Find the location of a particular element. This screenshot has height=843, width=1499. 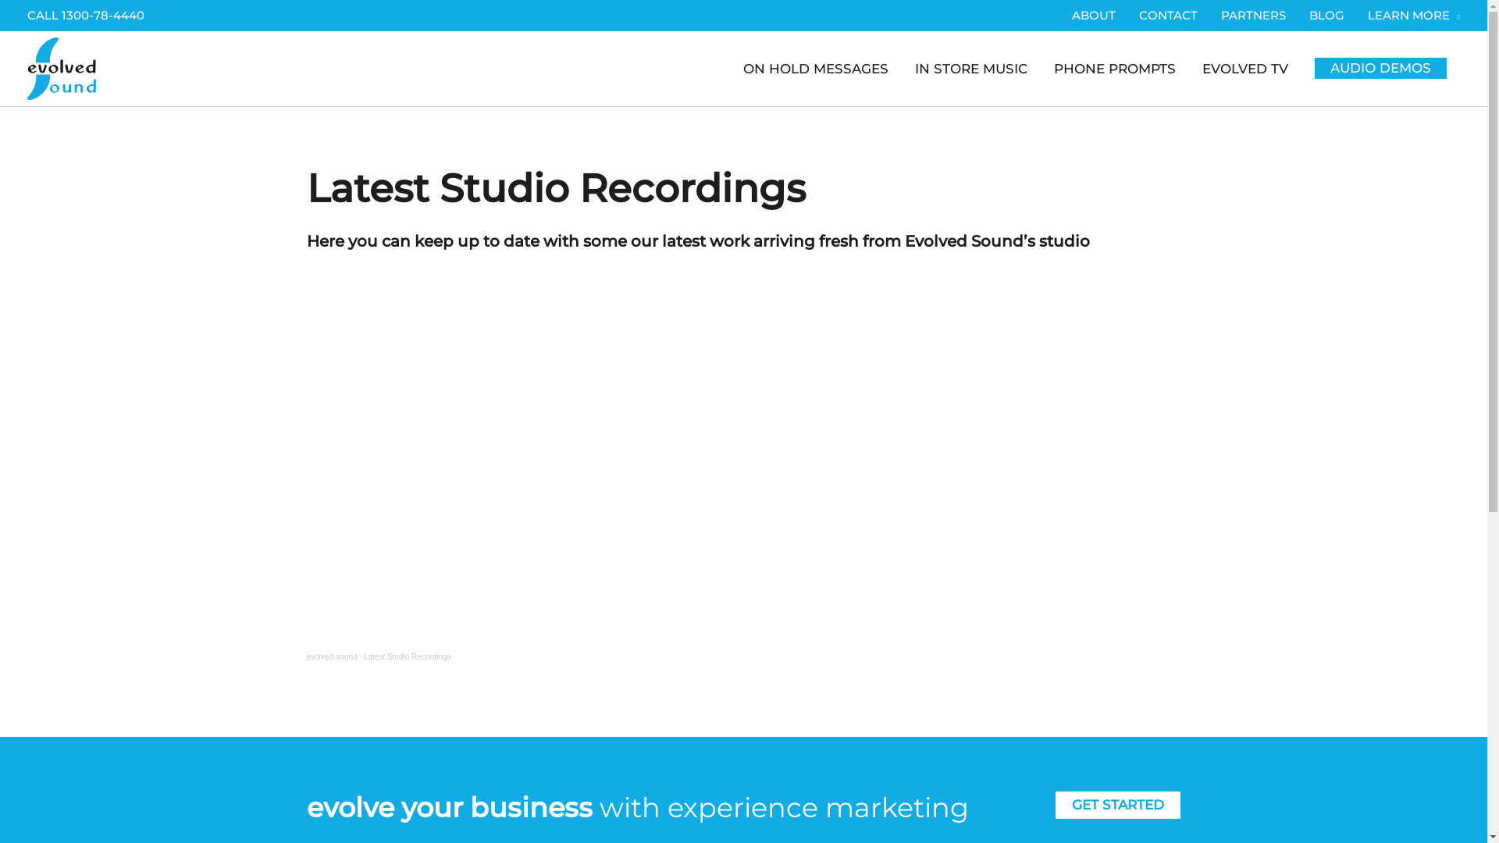

'EVOLVED TV' is located at coordinates (1244, 68).